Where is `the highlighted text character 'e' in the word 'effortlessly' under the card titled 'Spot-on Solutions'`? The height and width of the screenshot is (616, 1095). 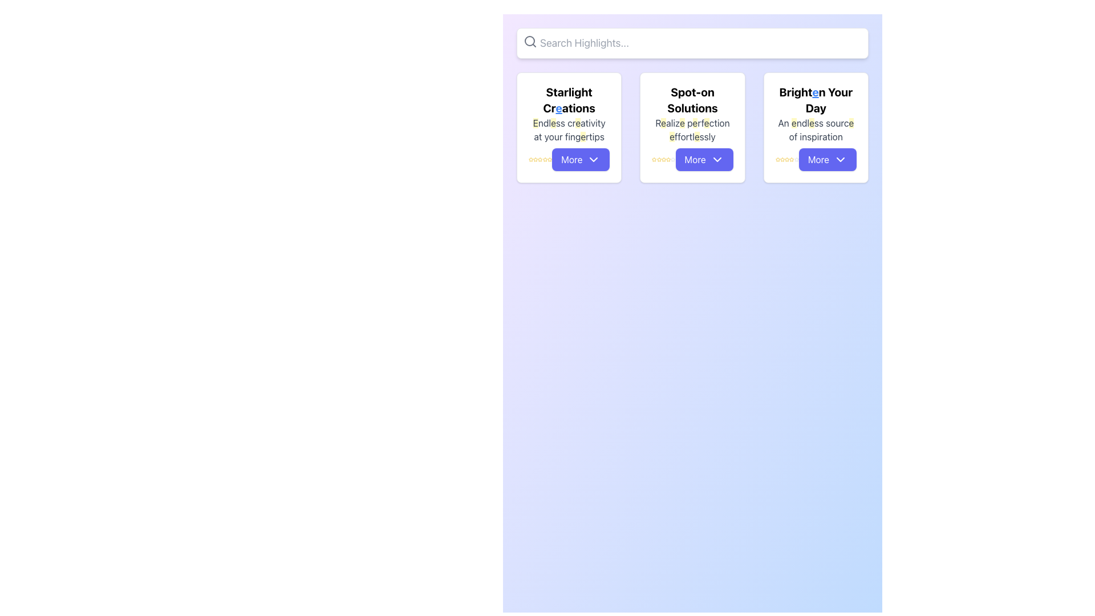
the highlighted text character 'e' in the word 'effortlessly' under the card titled 'Spot-on Solutions' is located at coordinates (696, 136).